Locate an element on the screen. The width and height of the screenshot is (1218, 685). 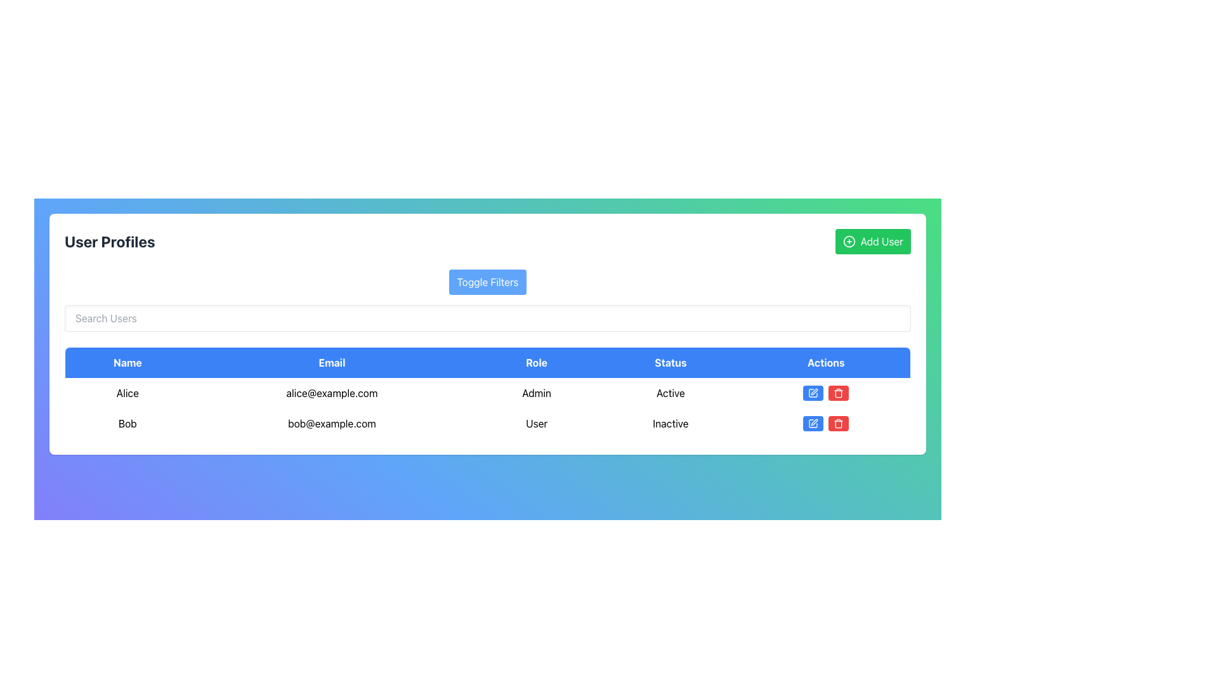
the 'Inactive' text label in the 'Status' column of the second row in the table is located at coordinates (670, 424).